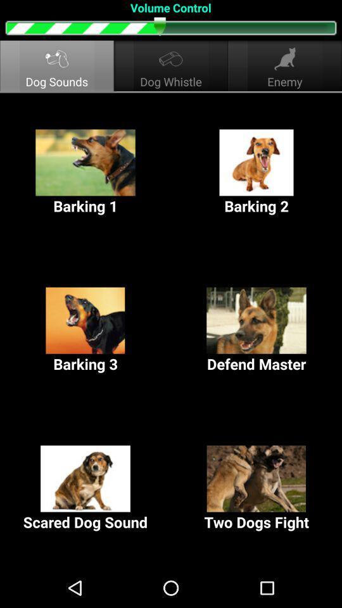  I want to click on the item below the barking 1 button, so click(256, 330).